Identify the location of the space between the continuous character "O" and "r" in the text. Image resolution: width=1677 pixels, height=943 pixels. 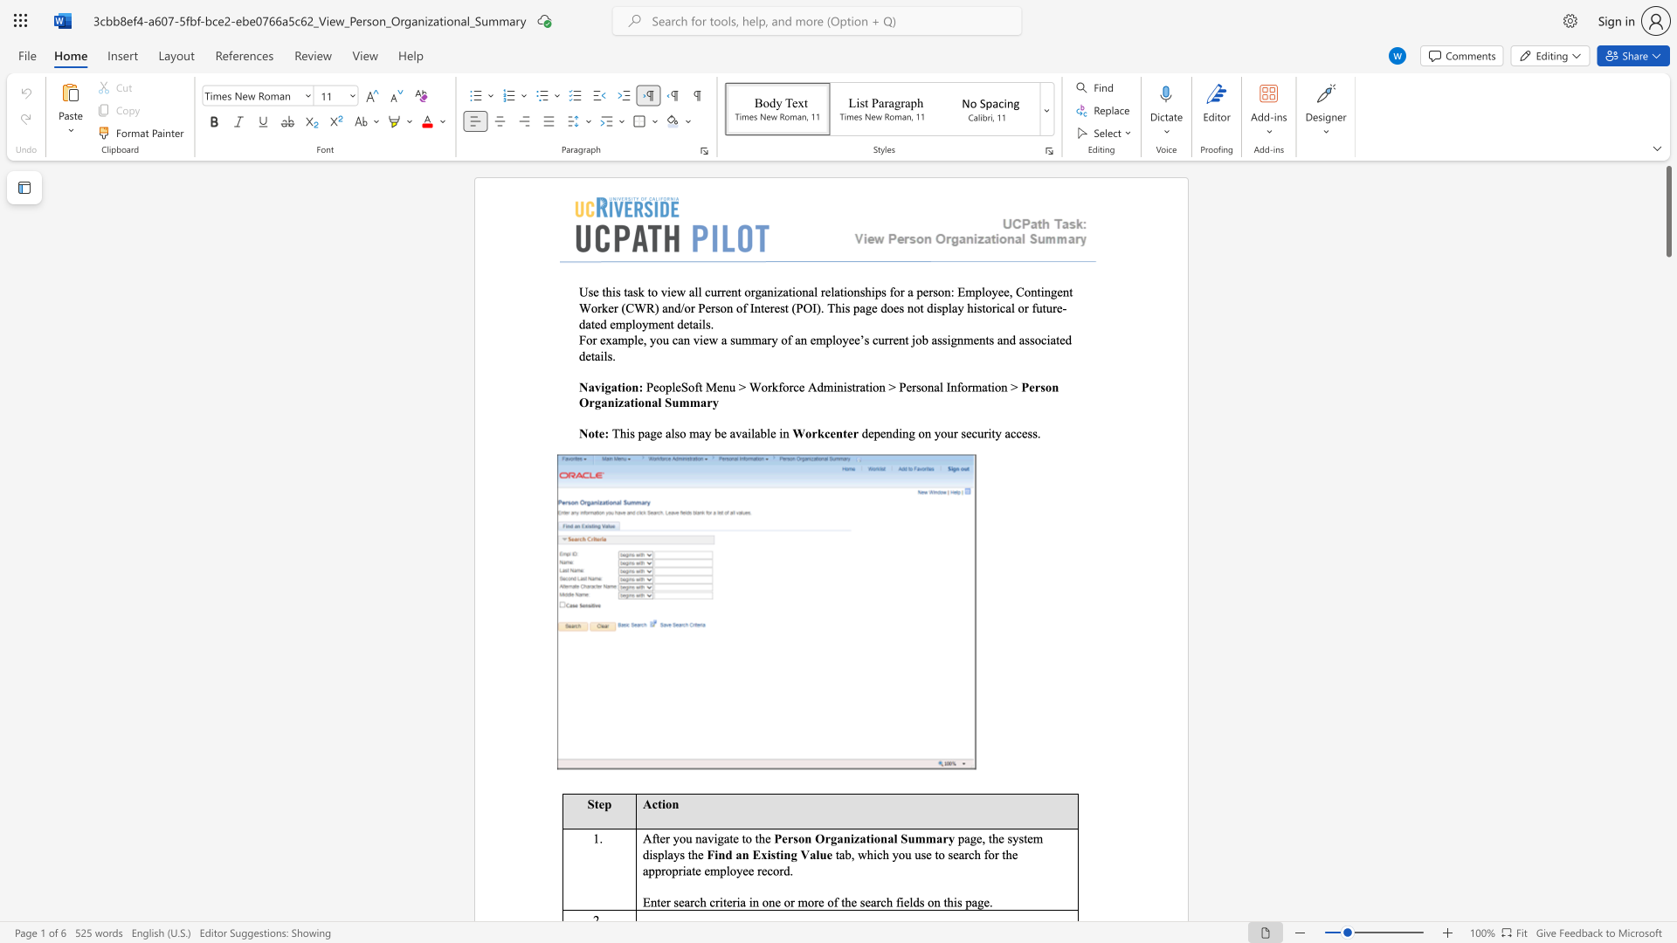
(588, 403).